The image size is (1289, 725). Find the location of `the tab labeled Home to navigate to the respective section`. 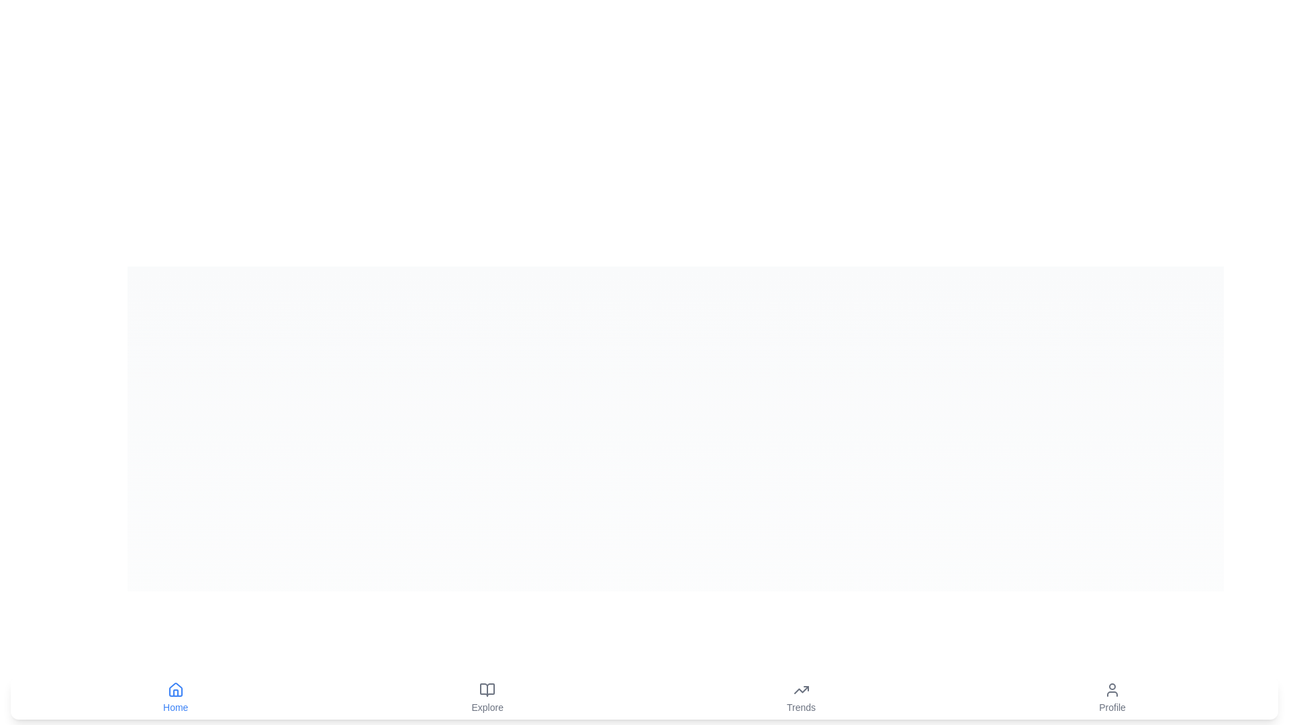

the tab labeled Home to navigate to the respective section is located at coordinates (175, 697).